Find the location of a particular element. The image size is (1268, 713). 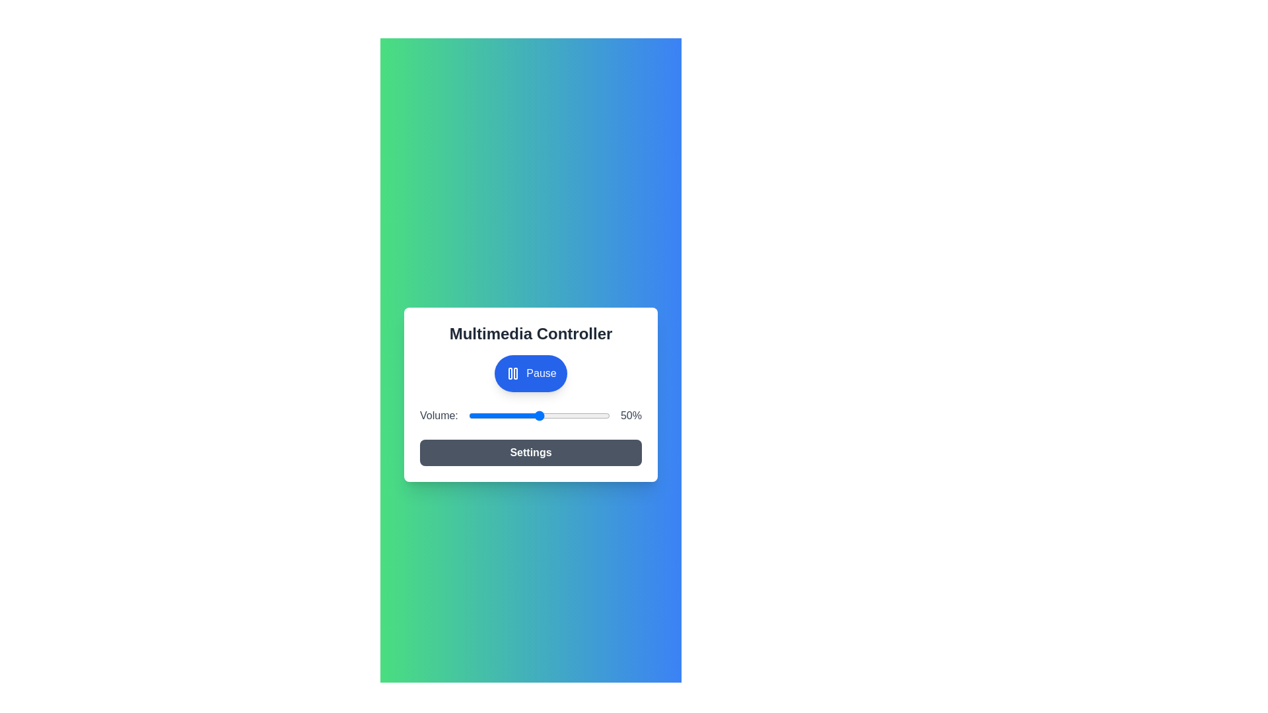

the volume is located at coordinates (584, 415).